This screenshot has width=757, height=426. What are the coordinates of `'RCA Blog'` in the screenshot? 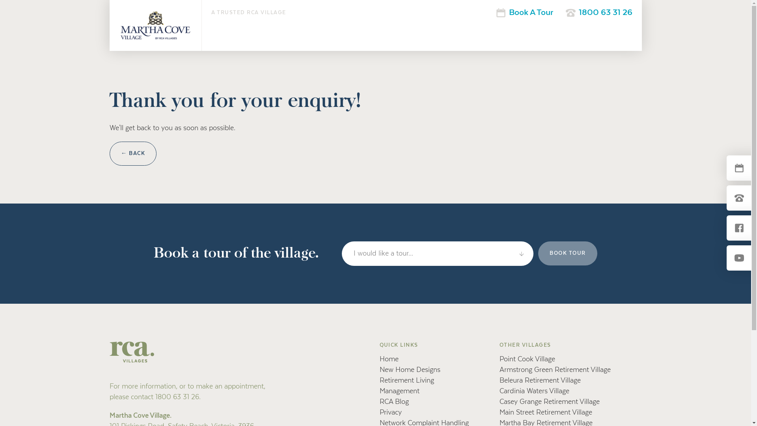 It's located at (393, 402).